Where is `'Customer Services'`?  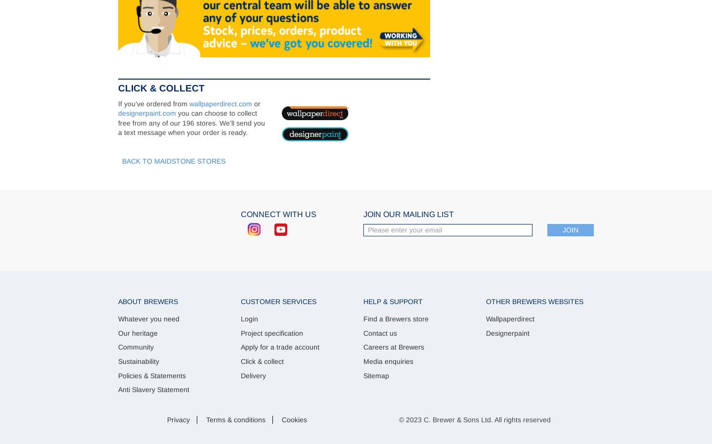
'Customer Services' is located at coordinates (278, 301).